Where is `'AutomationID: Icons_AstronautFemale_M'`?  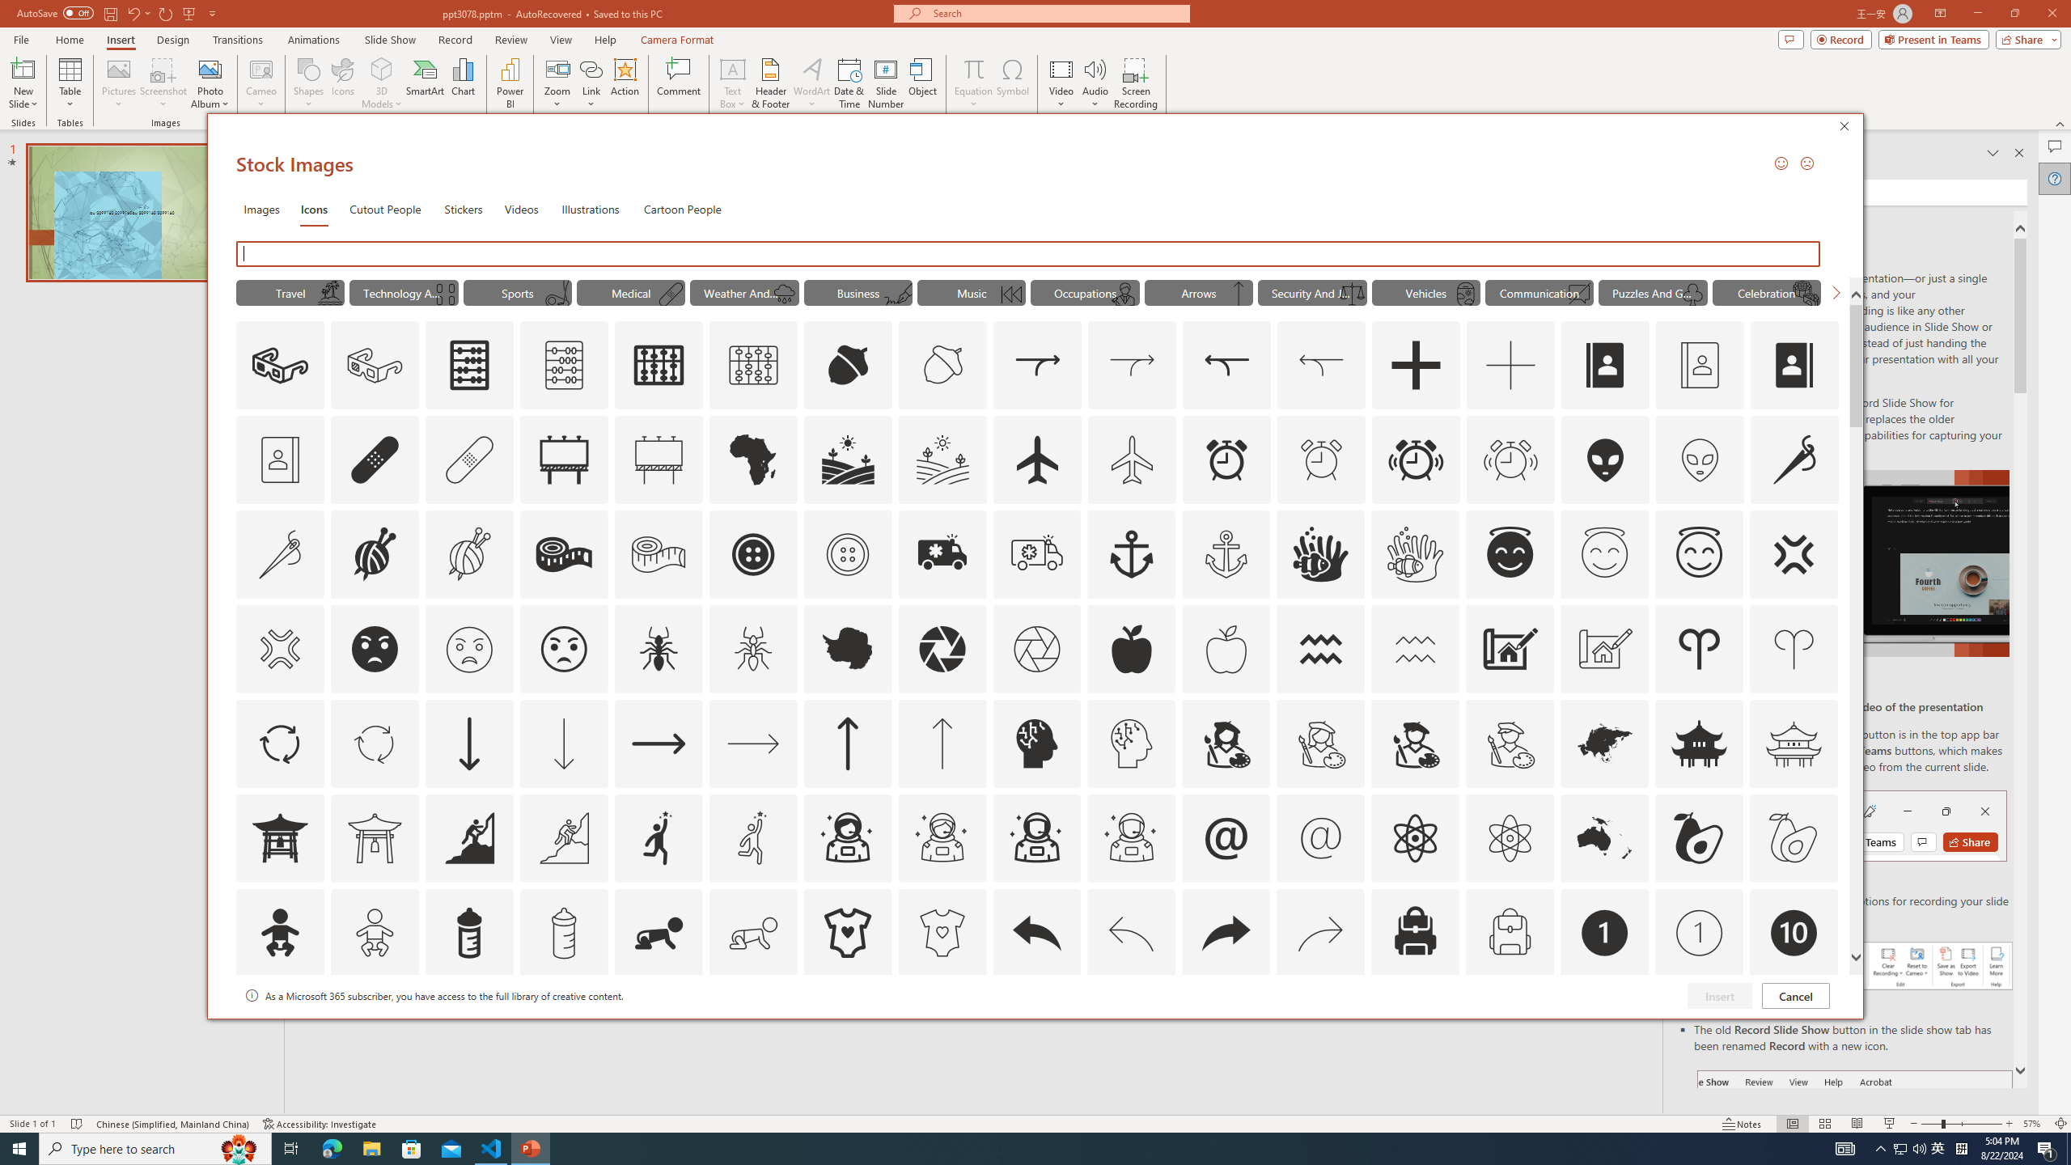
'AutomationID: Icons_AstronautFemale_M' is located at coordinates (941, 837).